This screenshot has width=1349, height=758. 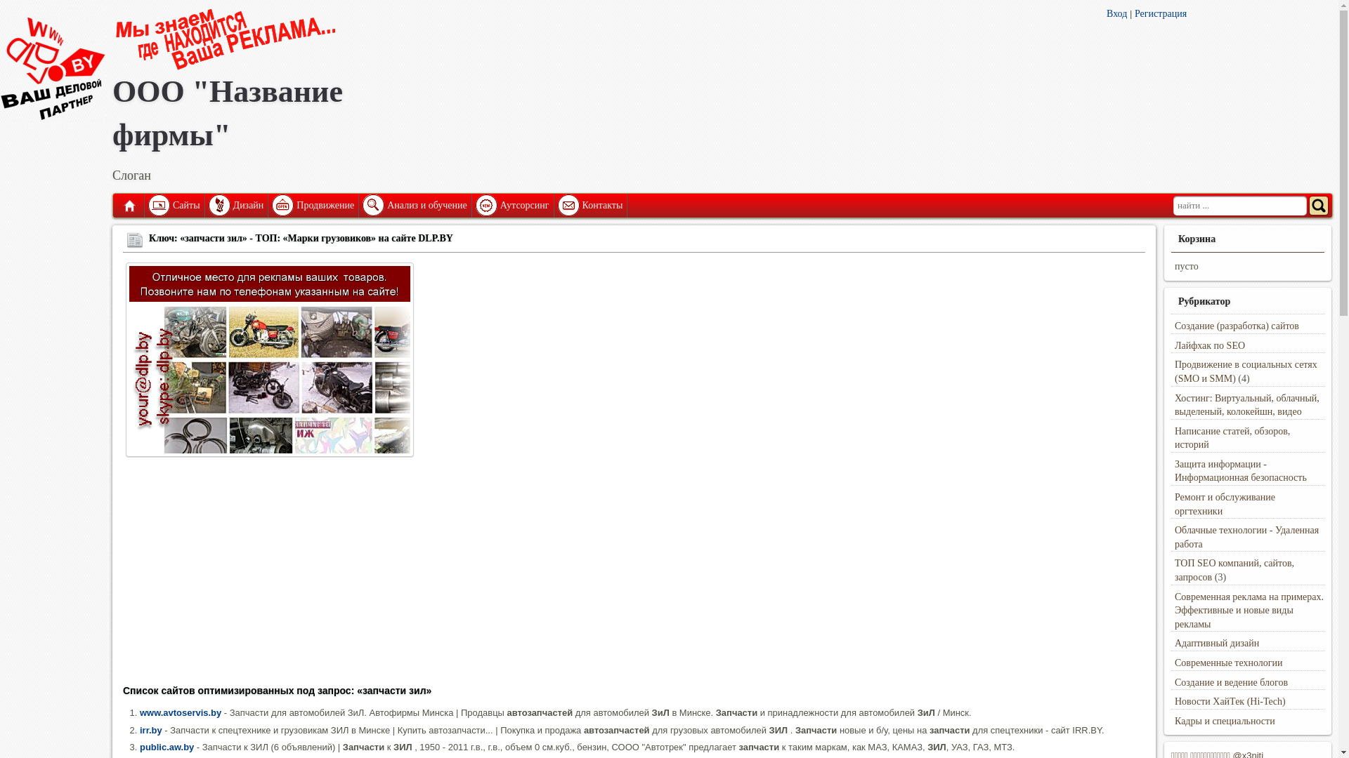 What do you see at coordinates (151, 729) in the screenshot?
I see `'irr.by'` at bounding box center [151, 729].